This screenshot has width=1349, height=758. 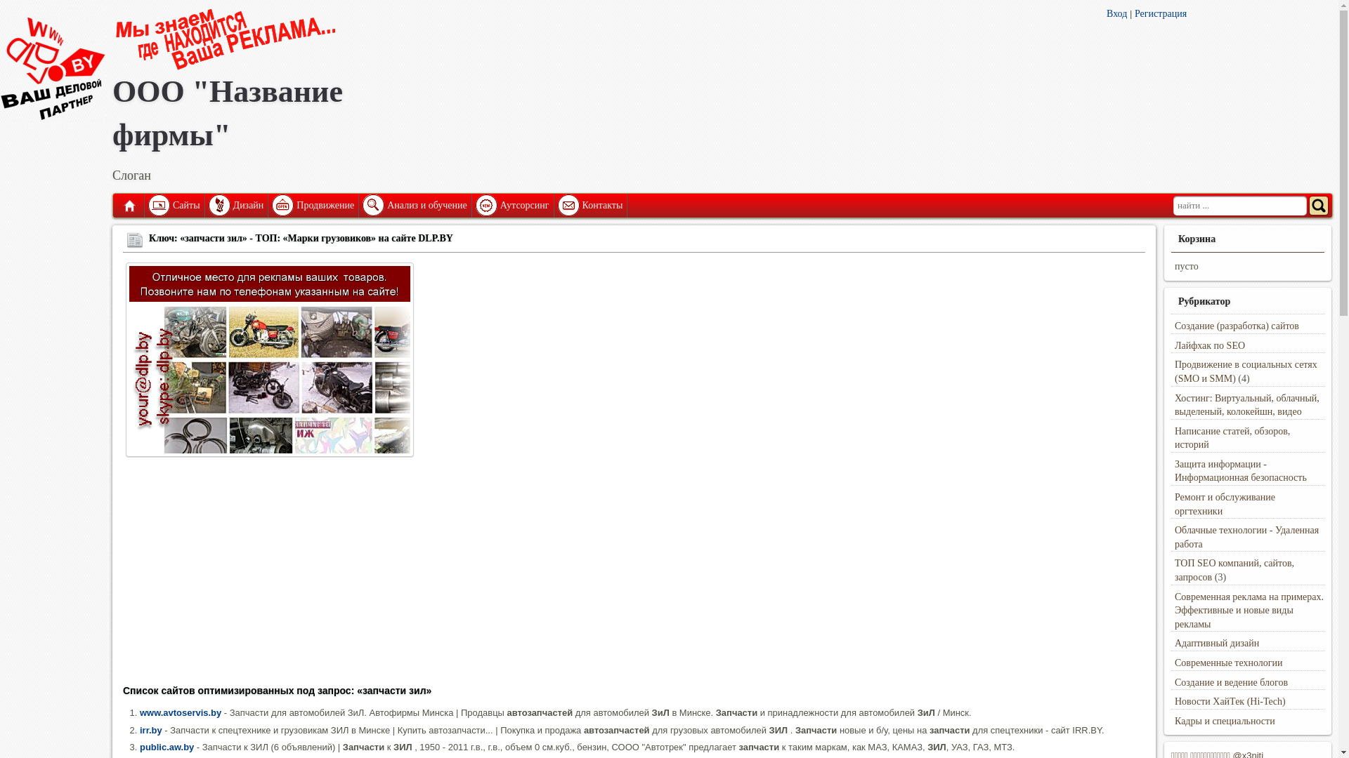 What do you see at coordinates (151, 729) in the screenshot?
I see `'irr.by'` at bounding box center [151, 729].